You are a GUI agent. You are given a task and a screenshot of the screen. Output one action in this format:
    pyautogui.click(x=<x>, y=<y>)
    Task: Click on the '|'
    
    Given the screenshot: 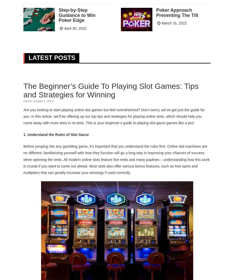 What is the action you would take?
    pyautogui.click(x=32, y=101)
    